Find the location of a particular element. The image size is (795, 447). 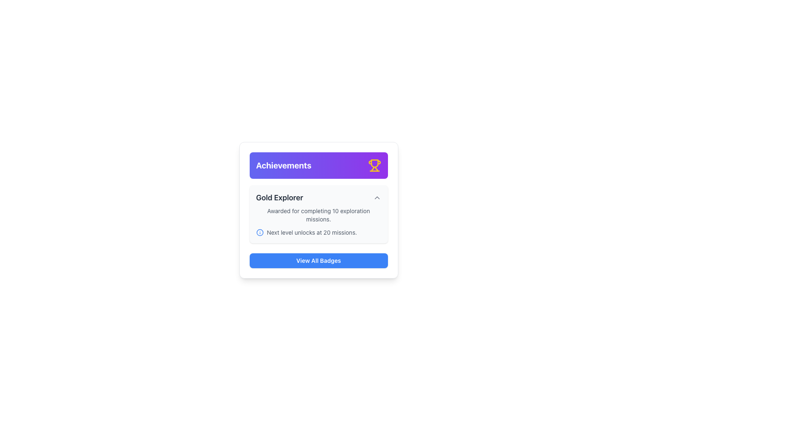

the text label that provides information about the 'Gold Explorer' achievement, located directly below the 'Gold Explorer' header is located at coordinates (318, 215).